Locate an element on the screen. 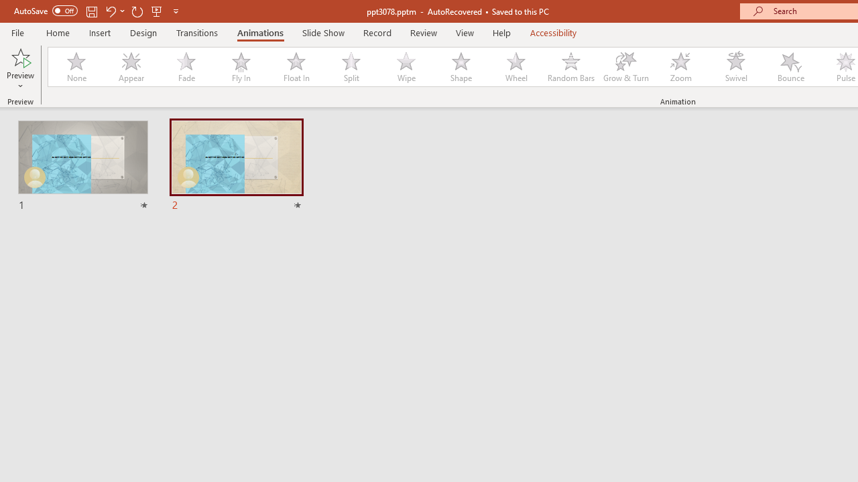  'Swivel' is located at coordinates (735, 67).